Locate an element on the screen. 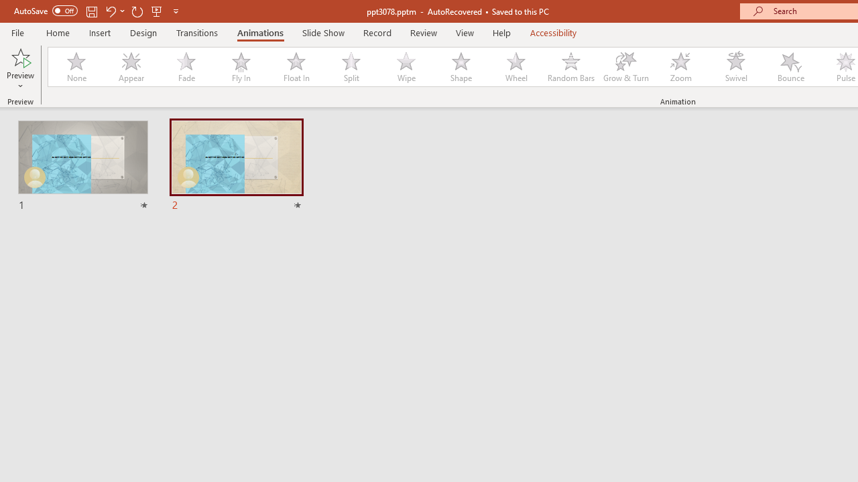  'Swivel' is located at coordinates (735, 67).